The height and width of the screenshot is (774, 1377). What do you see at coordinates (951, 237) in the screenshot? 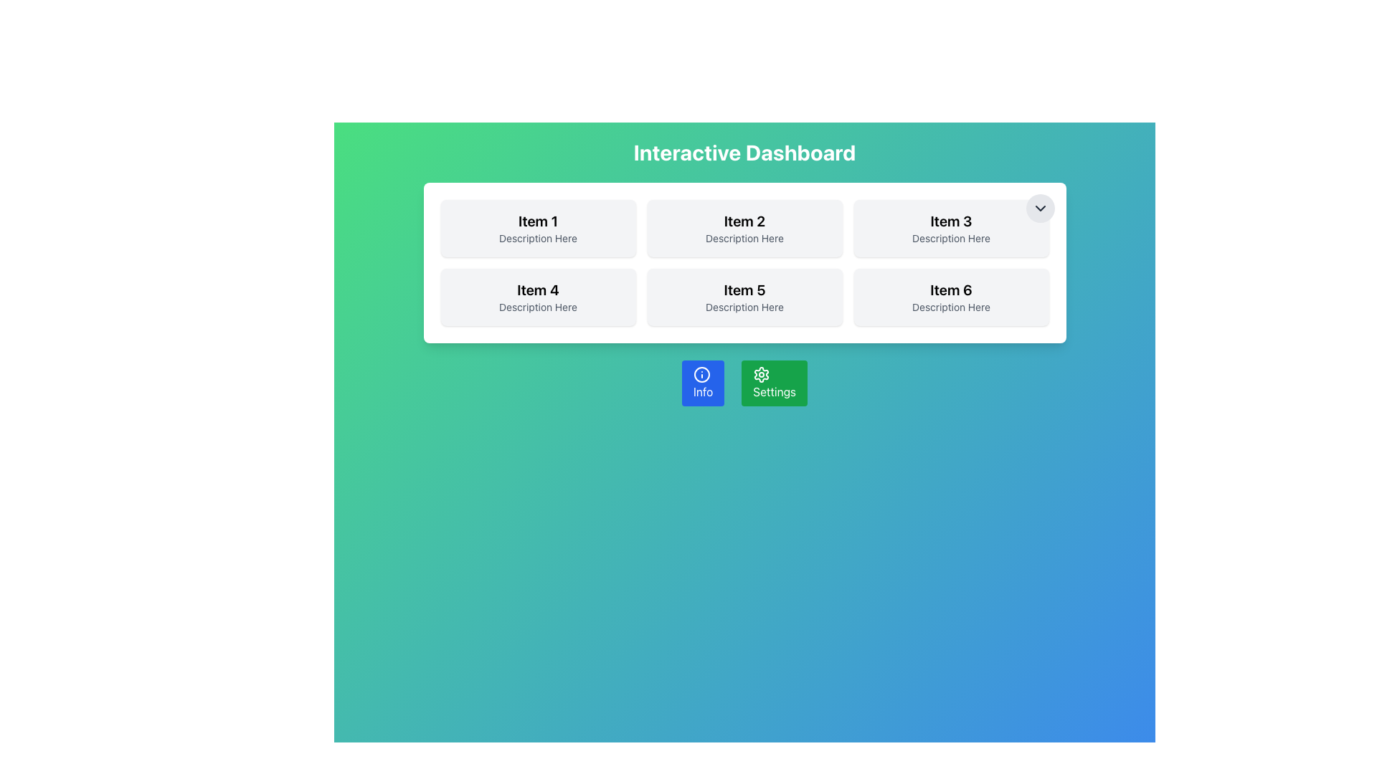
I see `the text label displaying 'Description Here', which is located below the 'Item 3' header in the upper-right card of the interface` at bounding box center [951, 237].